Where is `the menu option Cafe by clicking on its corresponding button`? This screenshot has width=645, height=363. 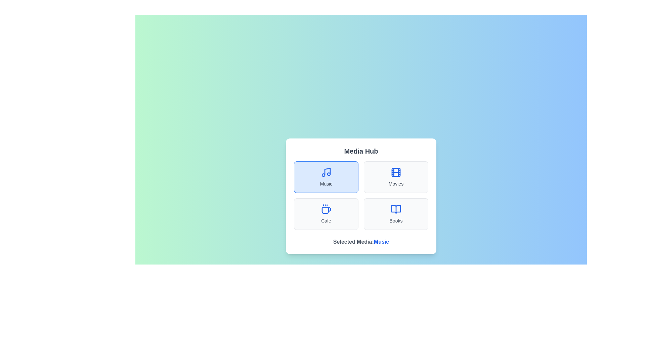 the menu option Cafe by clicking on its corresponding button is located at coordinates (326, 214).